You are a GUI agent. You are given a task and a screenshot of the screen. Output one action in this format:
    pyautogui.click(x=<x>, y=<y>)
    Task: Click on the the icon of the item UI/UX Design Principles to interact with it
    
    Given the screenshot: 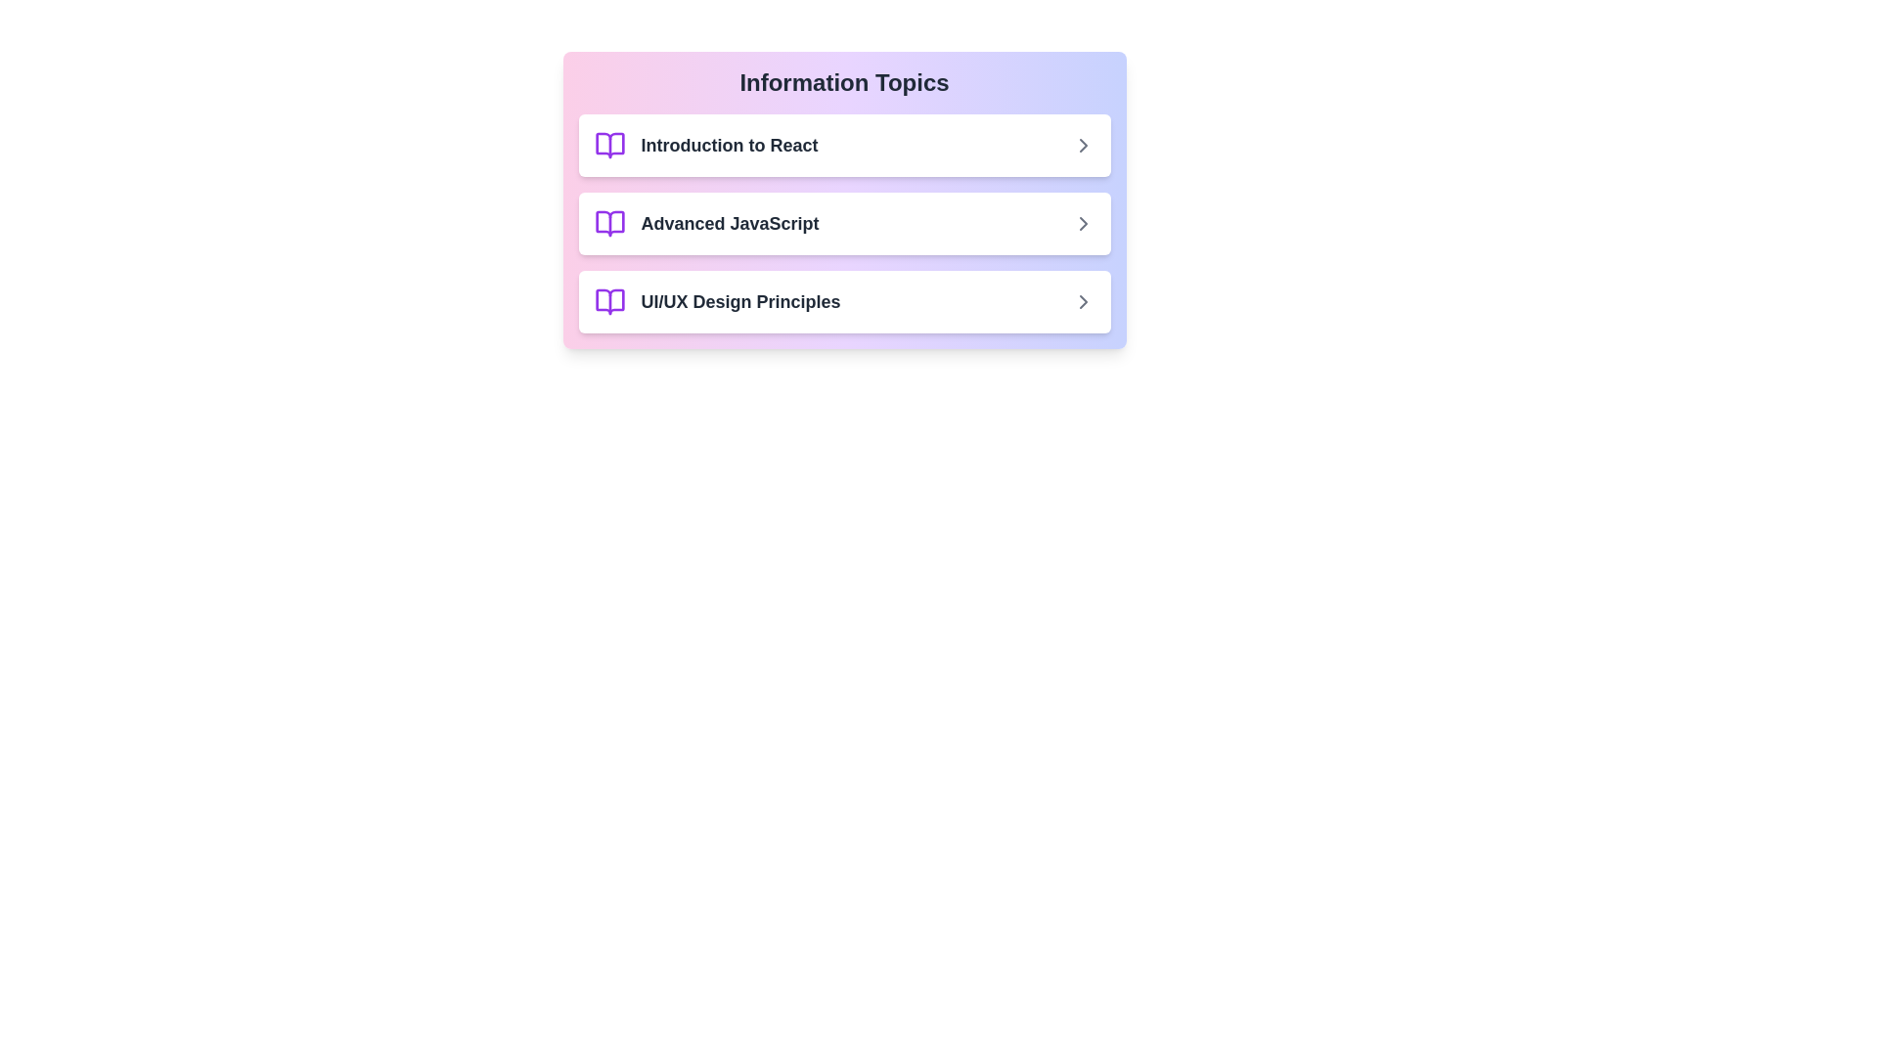 What is the action you would take?
    pyautogui.click(x=608, y=301)
    